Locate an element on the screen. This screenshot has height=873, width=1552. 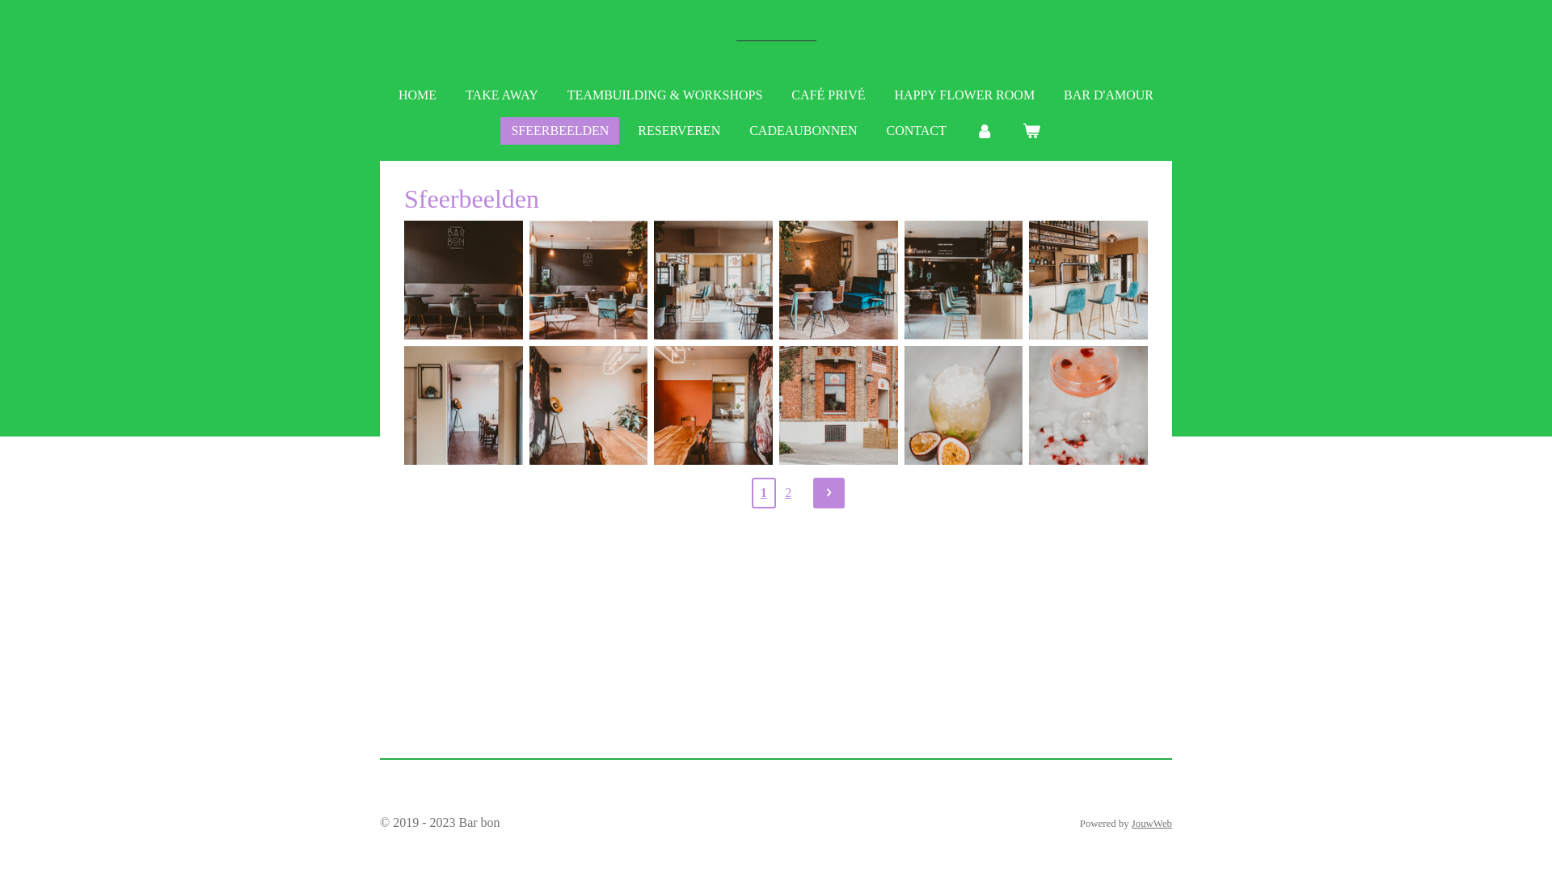
'TEAMBUILDING & WORKSHOPS' is located at coordinates (557, 95).